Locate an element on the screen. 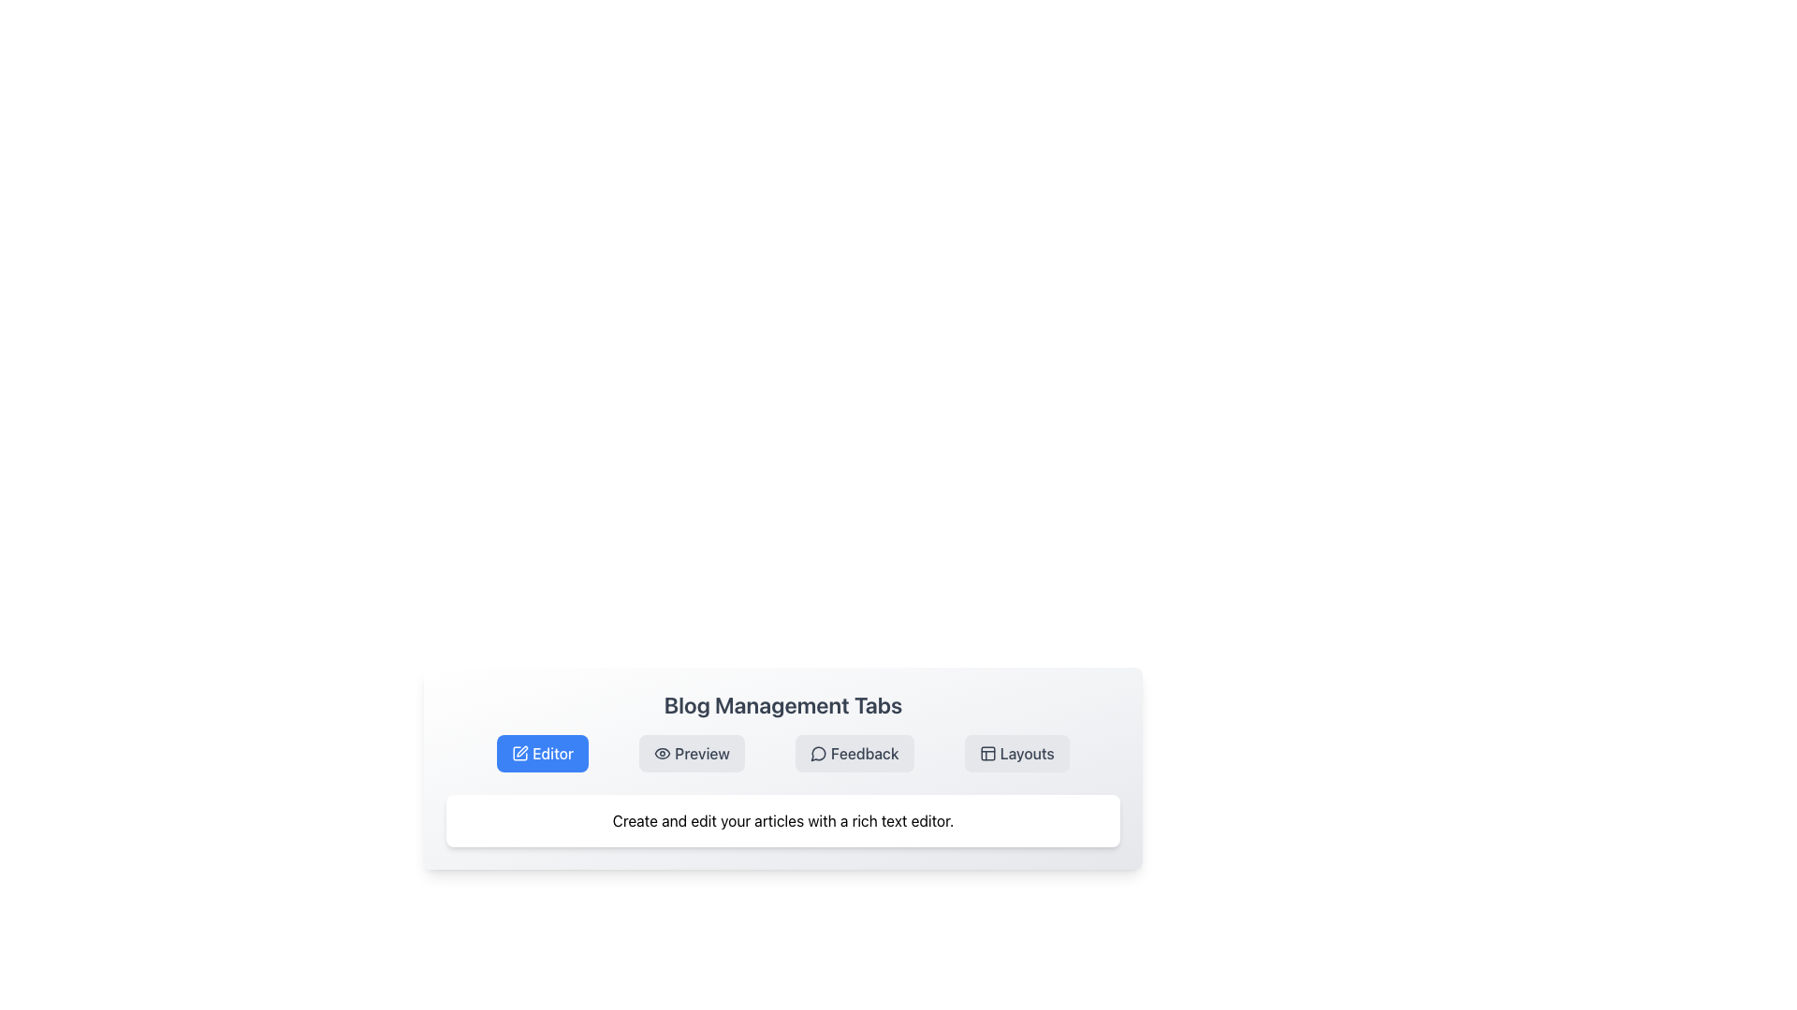 The height and width of the screenshot is (1010, 1797). the graphical icon element shaped like an eye located in the toolbar section, adjacent to the 'Preview' button is located at coordinates (663, 753).